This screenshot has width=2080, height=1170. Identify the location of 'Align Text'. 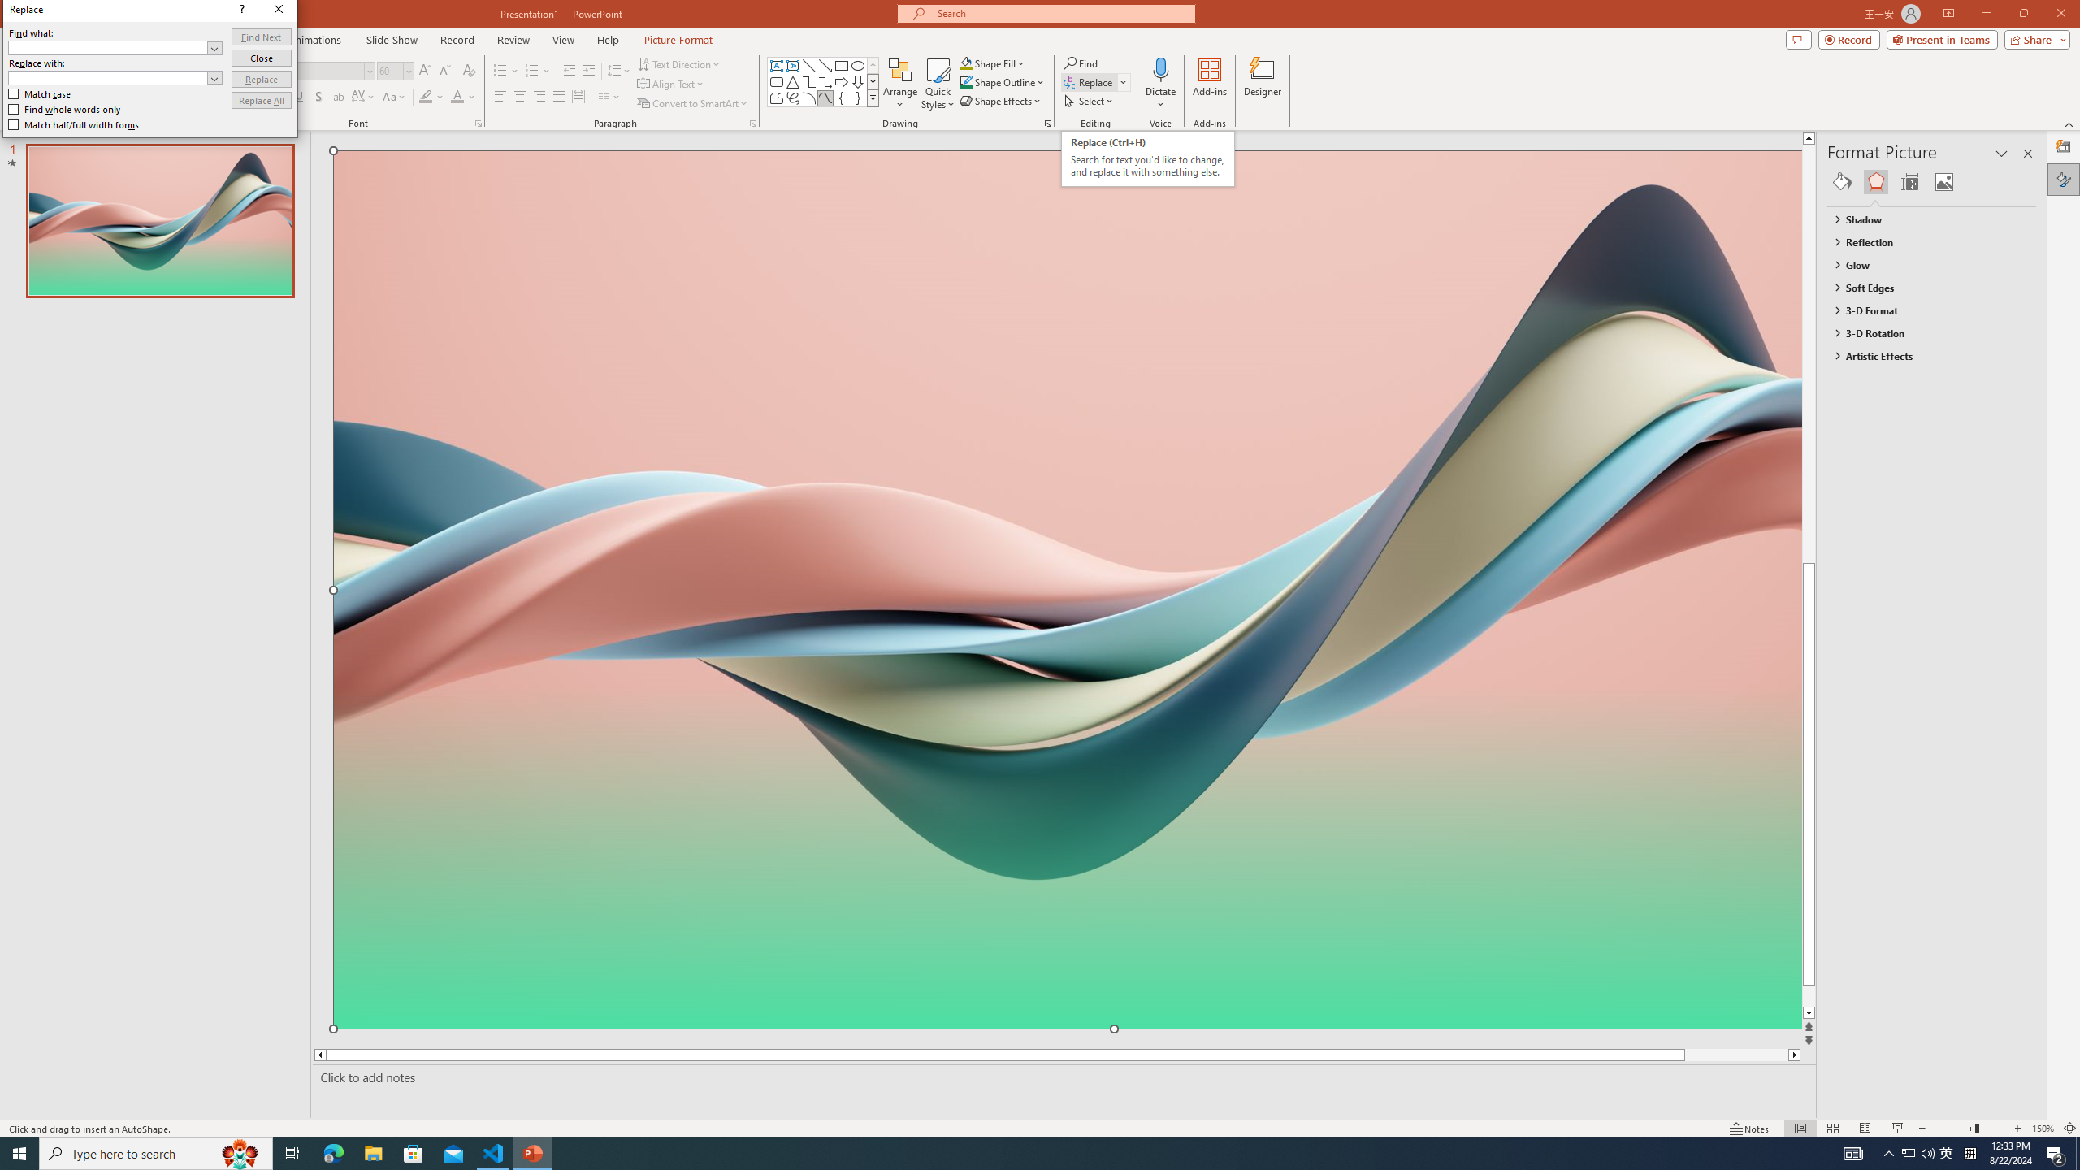
(671, 84).